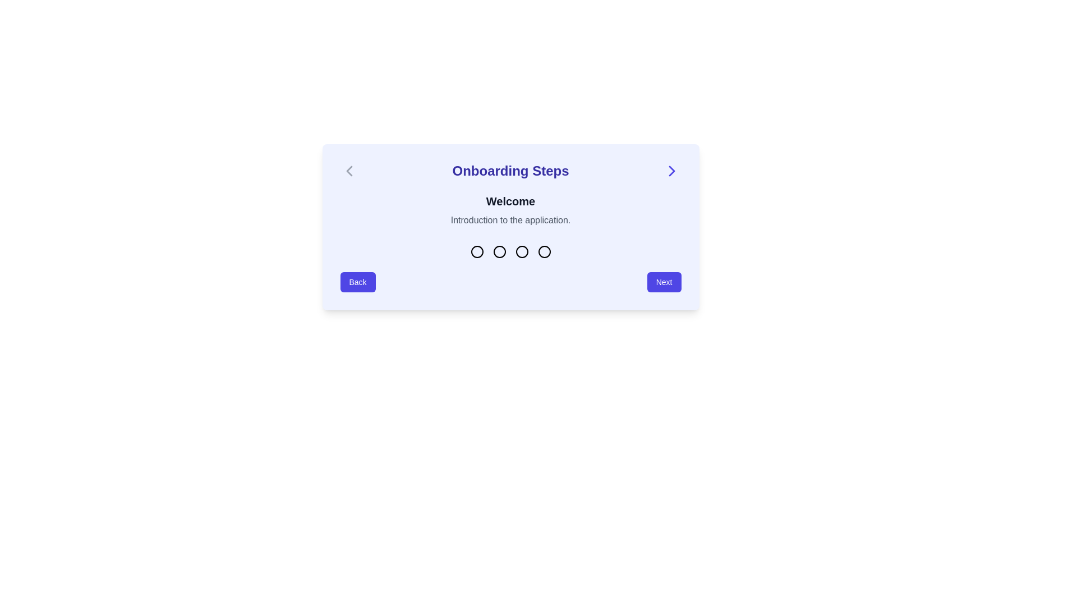 Image resolution: width=1077 pixels, height=606 pixels. Describe the element at coordinates (499, 251) in the screenshot. I see `the state of the third circular icon in a multi-step progress indicator located at the center of the panel` at that location.